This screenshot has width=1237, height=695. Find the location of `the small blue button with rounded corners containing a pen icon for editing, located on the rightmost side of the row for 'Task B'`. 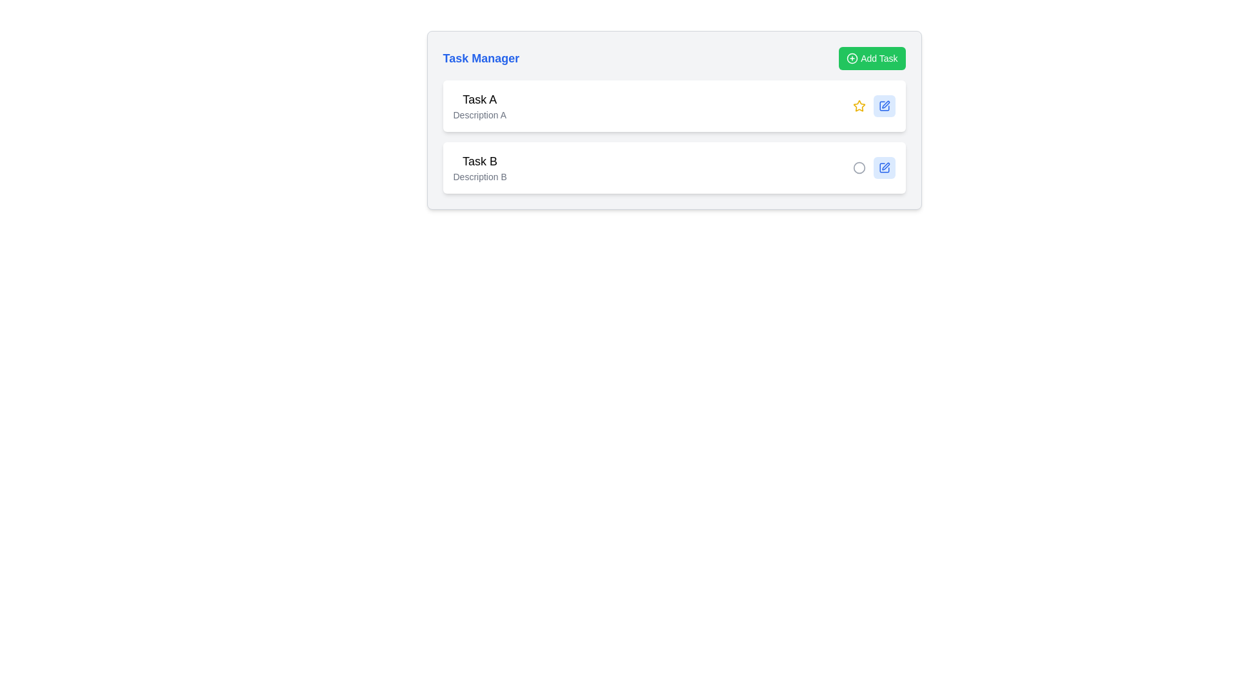

the small blue button with rounded corners containing a pen icon for editing, located on the rightmost side of the row for 'Task B' is located at coordinates (883, 167).